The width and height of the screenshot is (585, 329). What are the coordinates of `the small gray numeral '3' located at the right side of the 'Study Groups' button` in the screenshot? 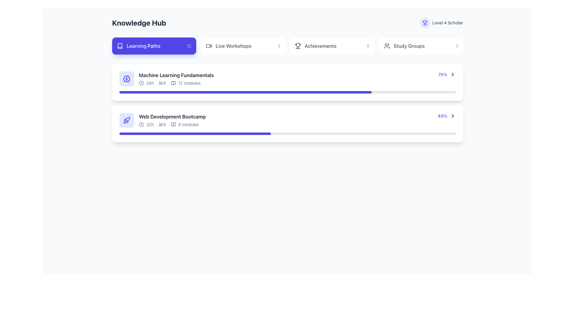 It's located at (457, 45).